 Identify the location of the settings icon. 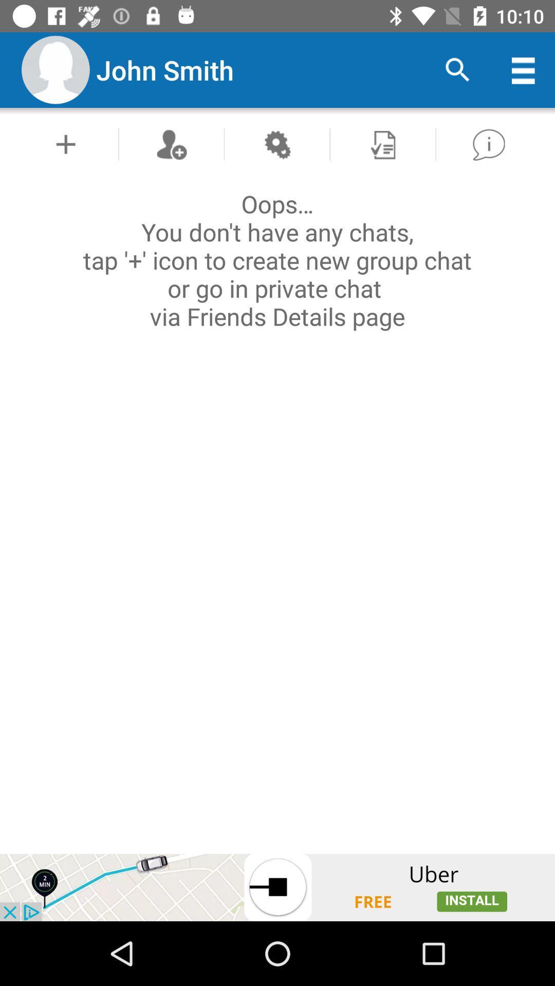
(276, 144).